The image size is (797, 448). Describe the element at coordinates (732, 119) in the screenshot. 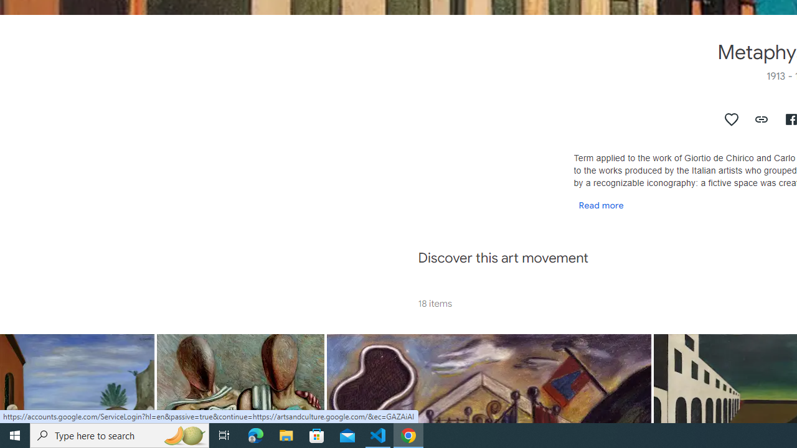

I see `'Authenticate to favorite this asset.'` at that location.